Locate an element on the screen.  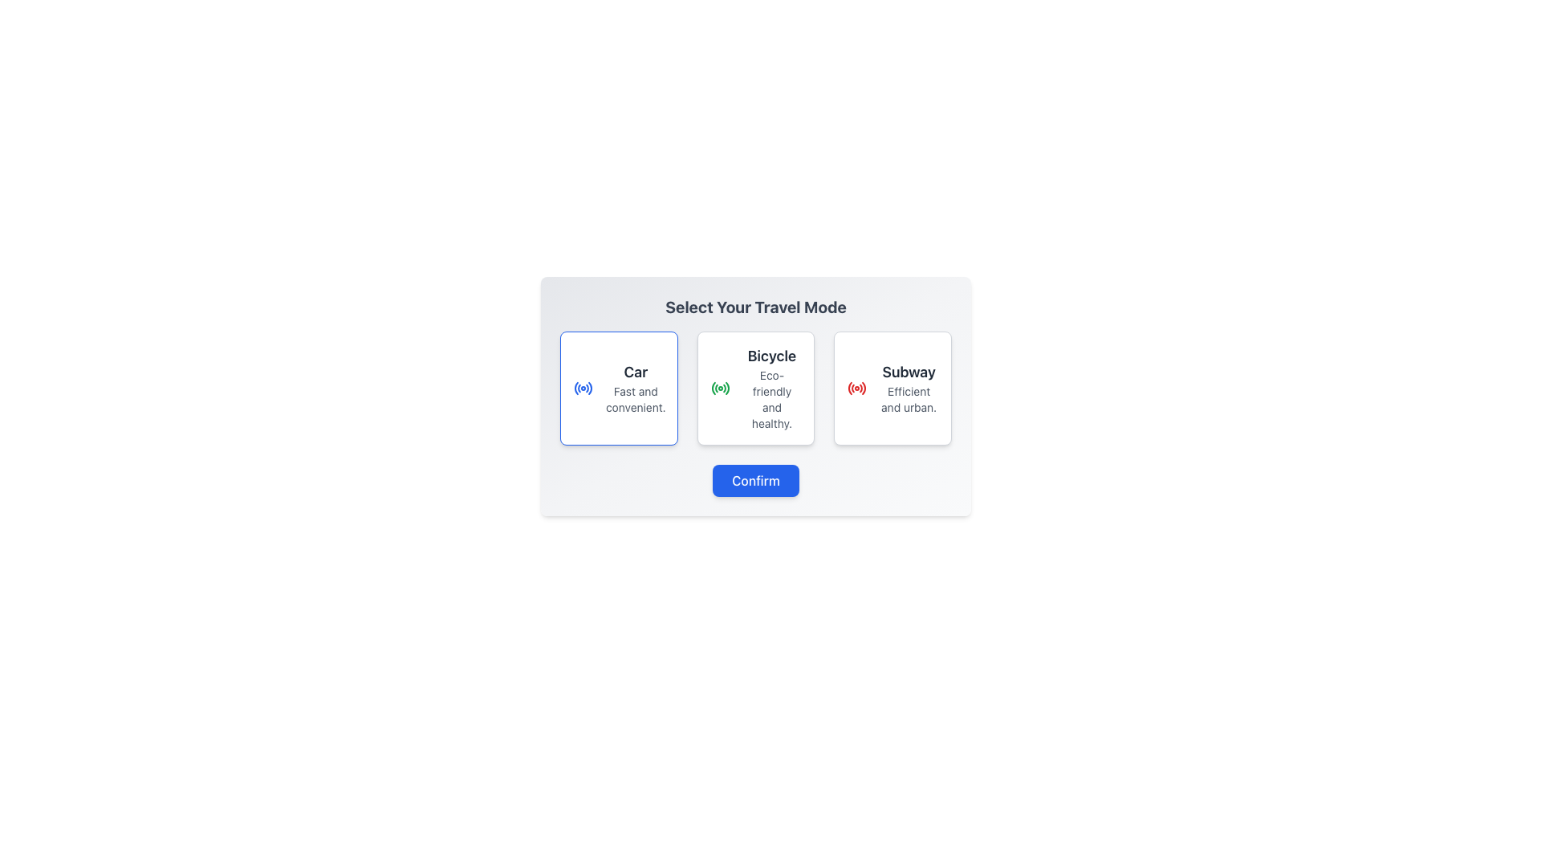
the 'Subway' text label, which is styled in bold, headline format, and located centrally in the third column of a three-column layout is located at coordinates (909, 372).